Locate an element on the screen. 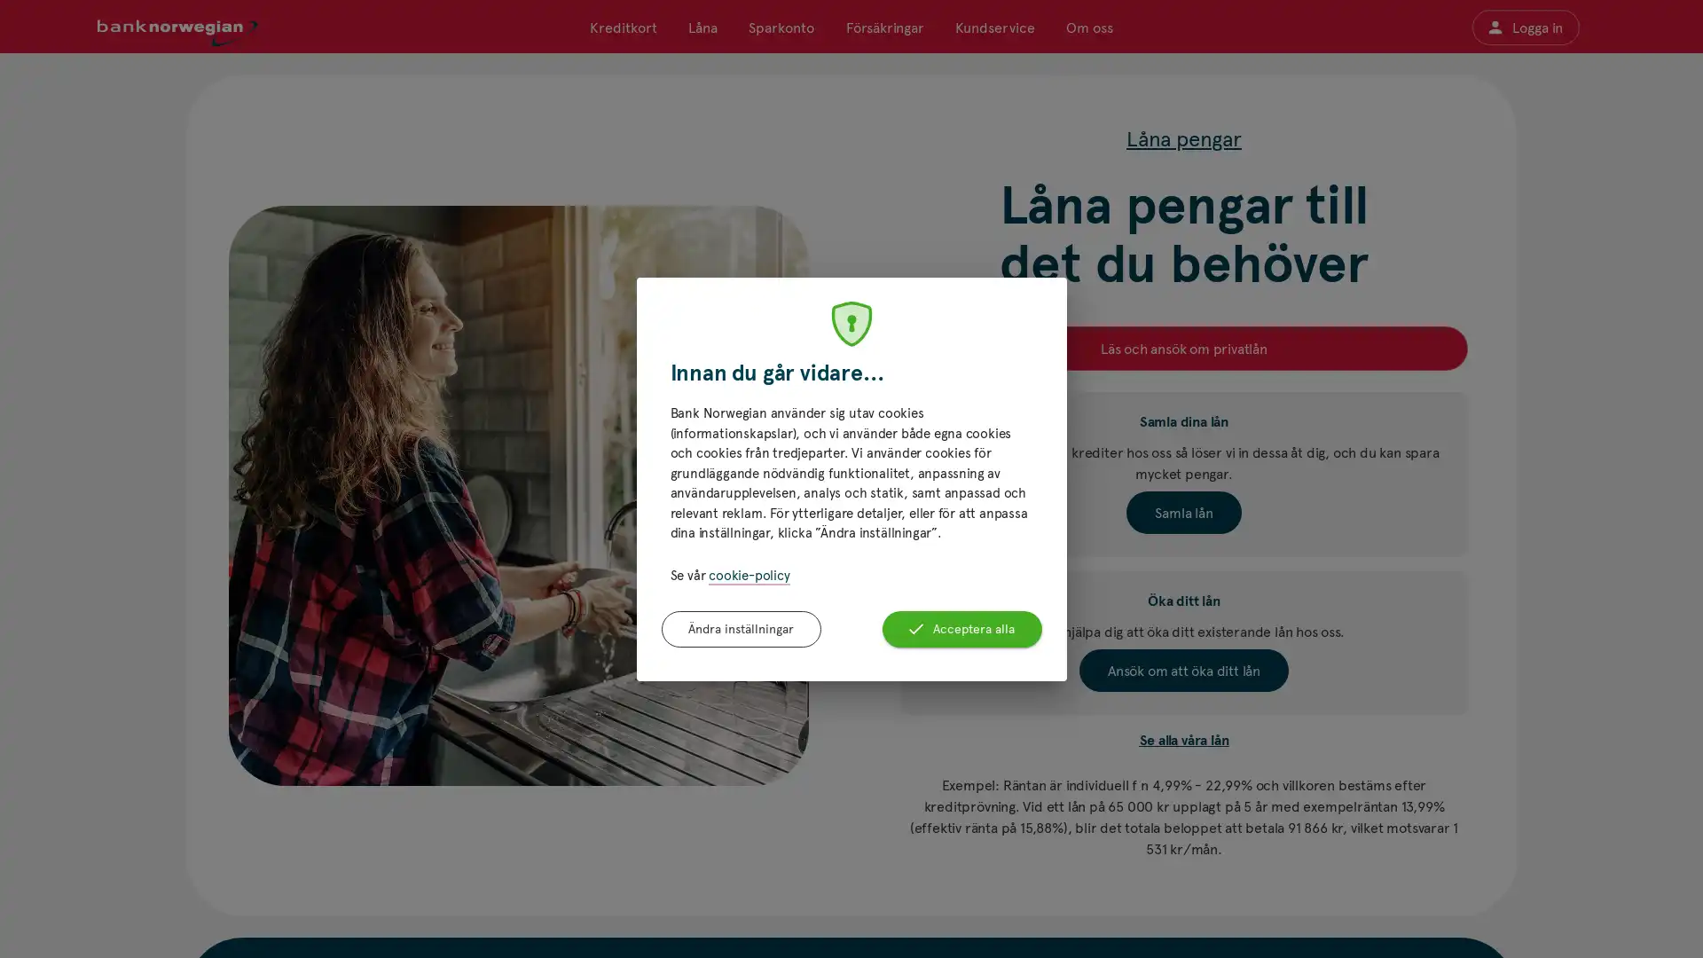 Image resolution: width=1703 pixels, height=958 pixels. Acceptera alla is located at coordinates (961, 628).